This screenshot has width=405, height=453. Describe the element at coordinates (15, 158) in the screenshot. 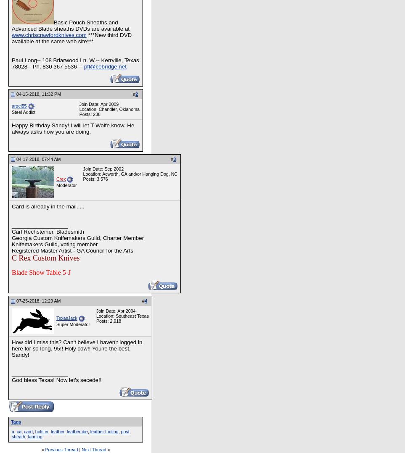

I see `'04-17-2018, 07:44 AM'` at that location.